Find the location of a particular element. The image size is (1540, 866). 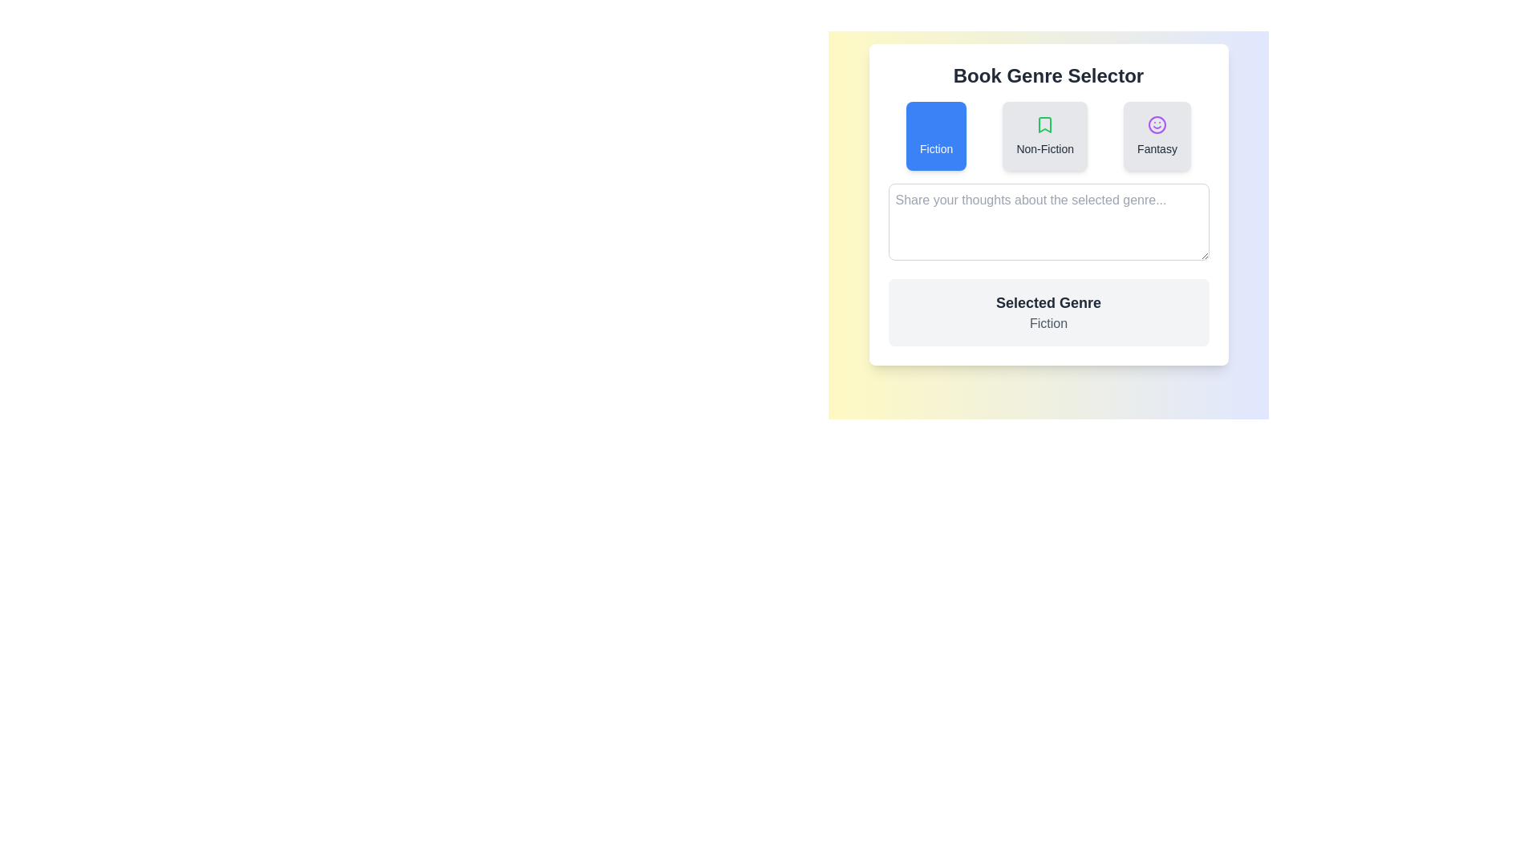

the Static Text Label displaying the current book genre 'Fiction', which is located directly below the heading 'Selected Genre' is located at coordinates (1048, 324).